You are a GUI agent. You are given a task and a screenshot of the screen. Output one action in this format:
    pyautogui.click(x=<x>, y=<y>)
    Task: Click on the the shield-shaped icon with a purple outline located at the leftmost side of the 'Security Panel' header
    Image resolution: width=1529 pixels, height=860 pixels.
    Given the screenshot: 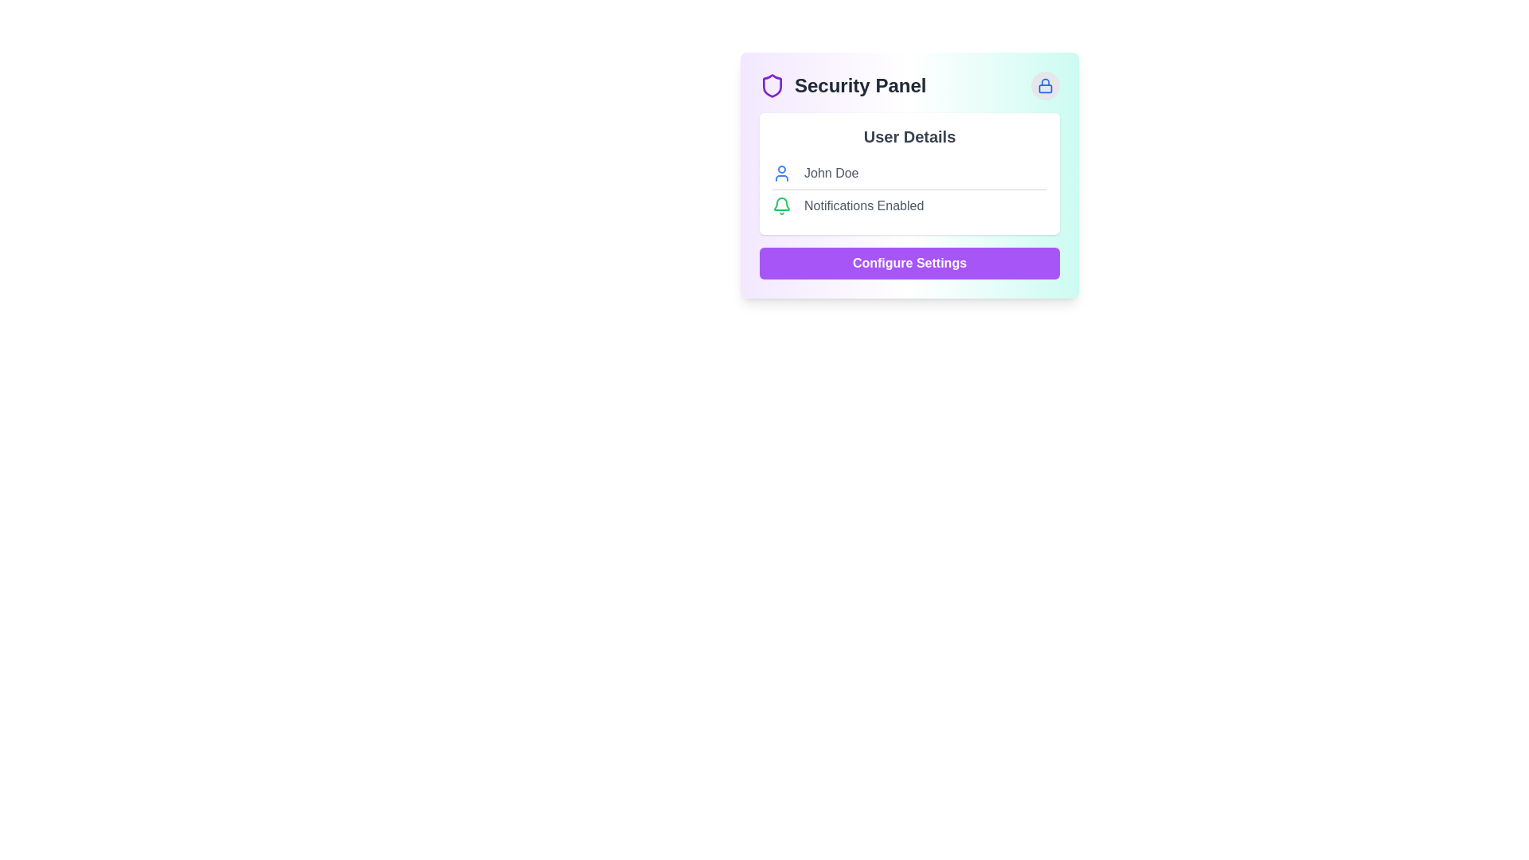 What is the action you would take?
    pyautogui.click(x=772, y=86)
    